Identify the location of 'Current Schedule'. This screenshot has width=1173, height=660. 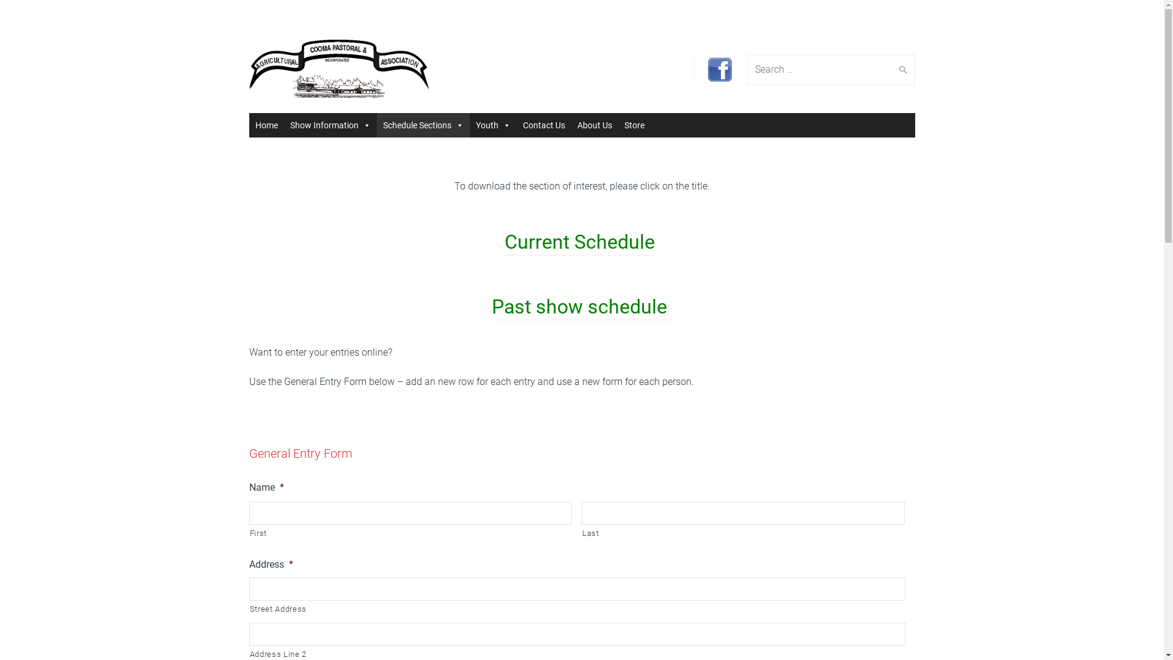
(579, 242).